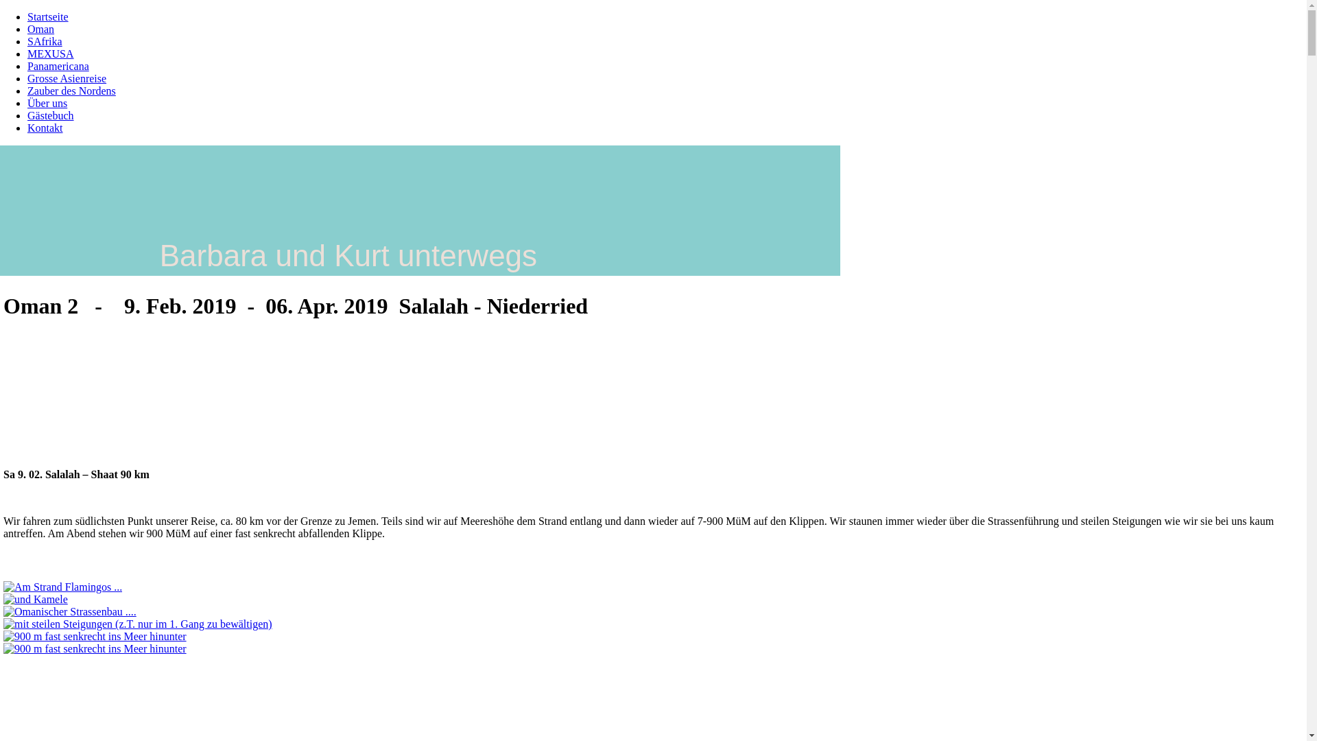  I want to click on 'Startseite', so click(48, 16).